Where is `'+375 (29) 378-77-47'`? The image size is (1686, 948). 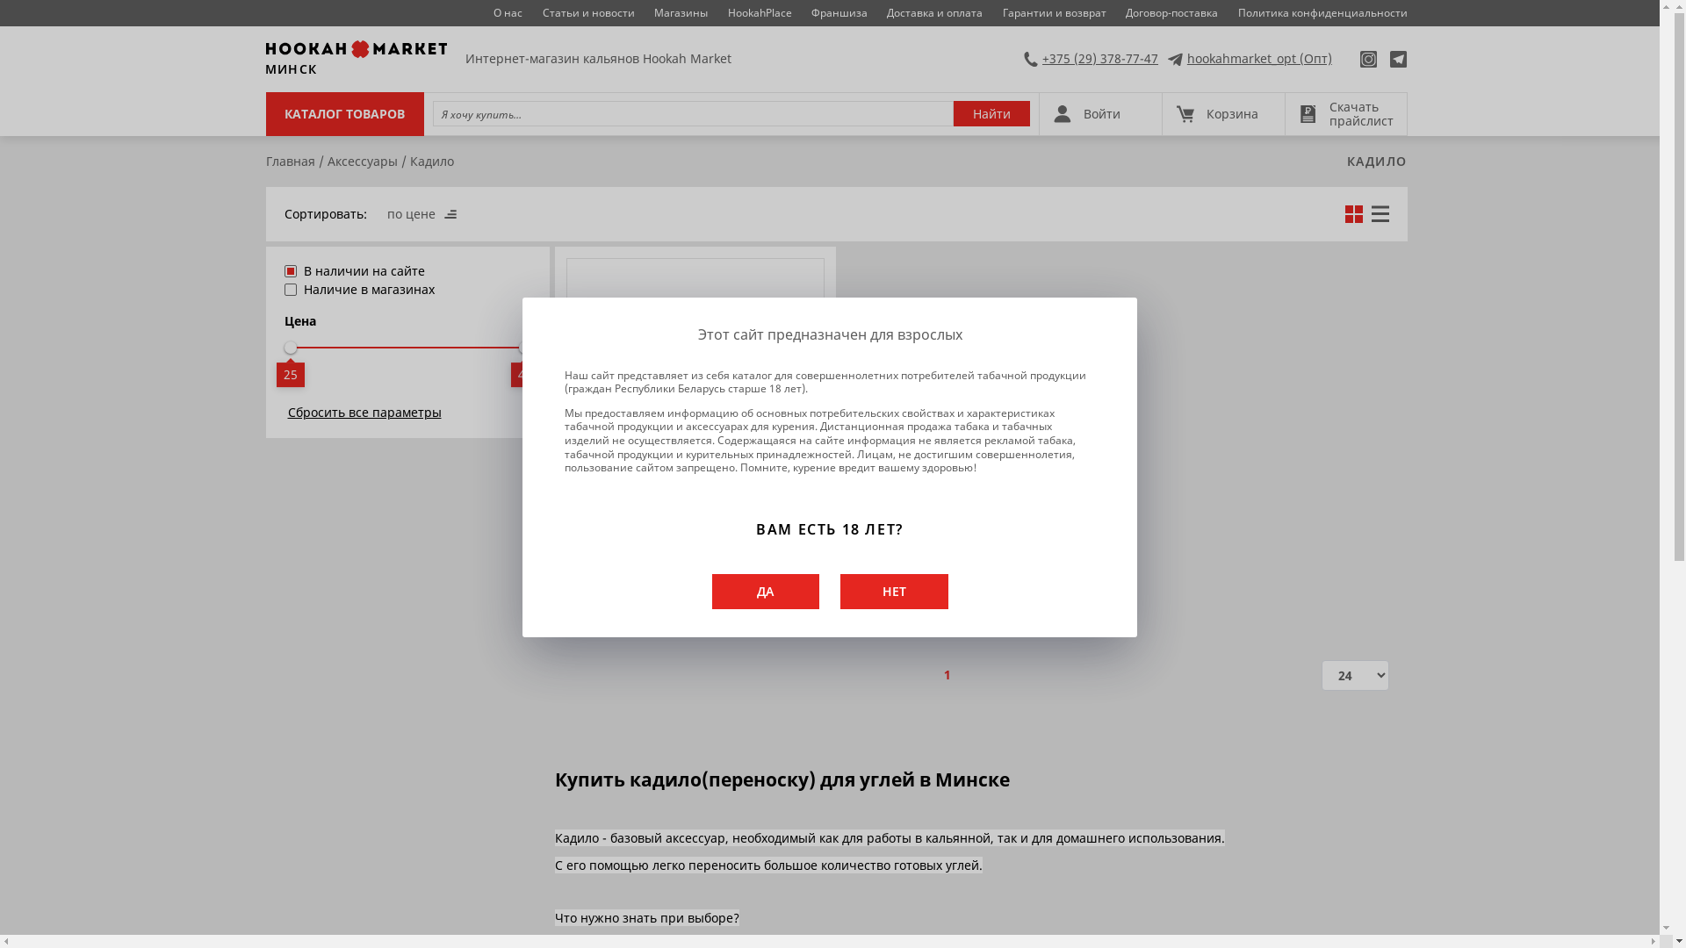
'+375 (29) 378-77-47' is located at coordinates (1090, 57).